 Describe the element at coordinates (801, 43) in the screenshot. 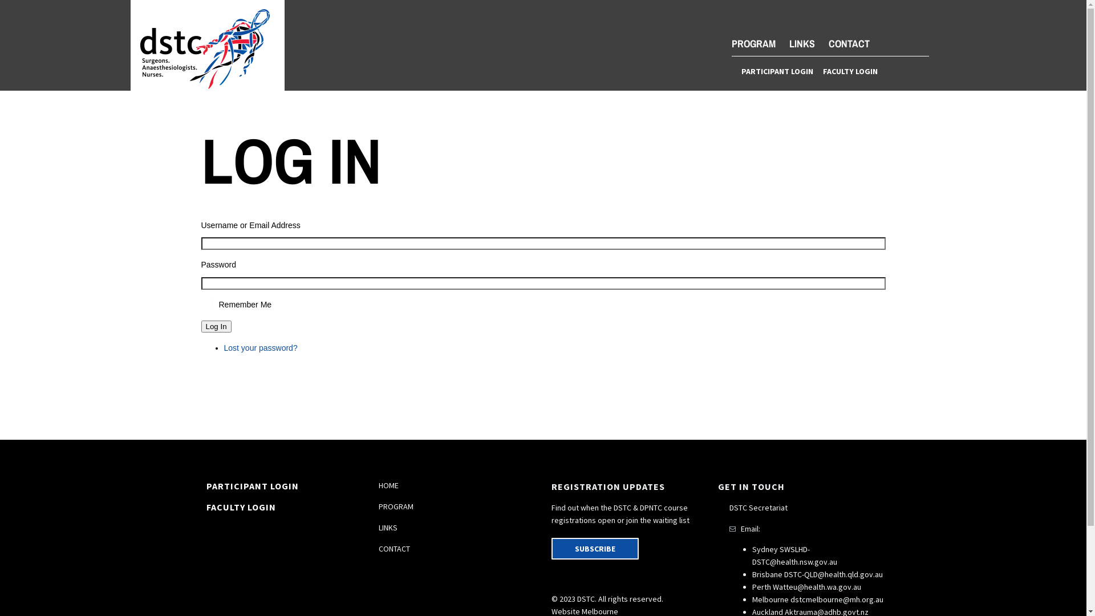

I see `'LINKS'` at that location.